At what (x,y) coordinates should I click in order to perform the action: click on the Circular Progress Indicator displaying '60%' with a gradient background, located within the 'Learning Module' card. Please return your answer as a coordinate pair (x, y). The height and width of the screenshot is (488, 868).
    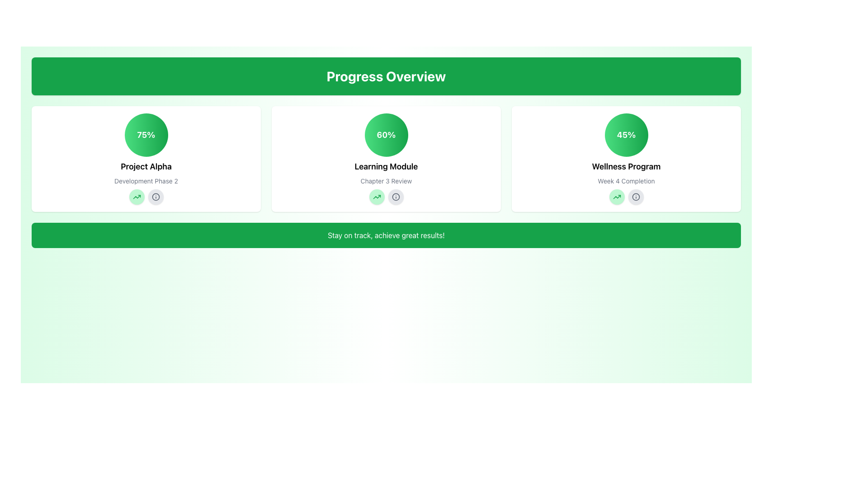
    Looking at the image, I should click on (386, 135).